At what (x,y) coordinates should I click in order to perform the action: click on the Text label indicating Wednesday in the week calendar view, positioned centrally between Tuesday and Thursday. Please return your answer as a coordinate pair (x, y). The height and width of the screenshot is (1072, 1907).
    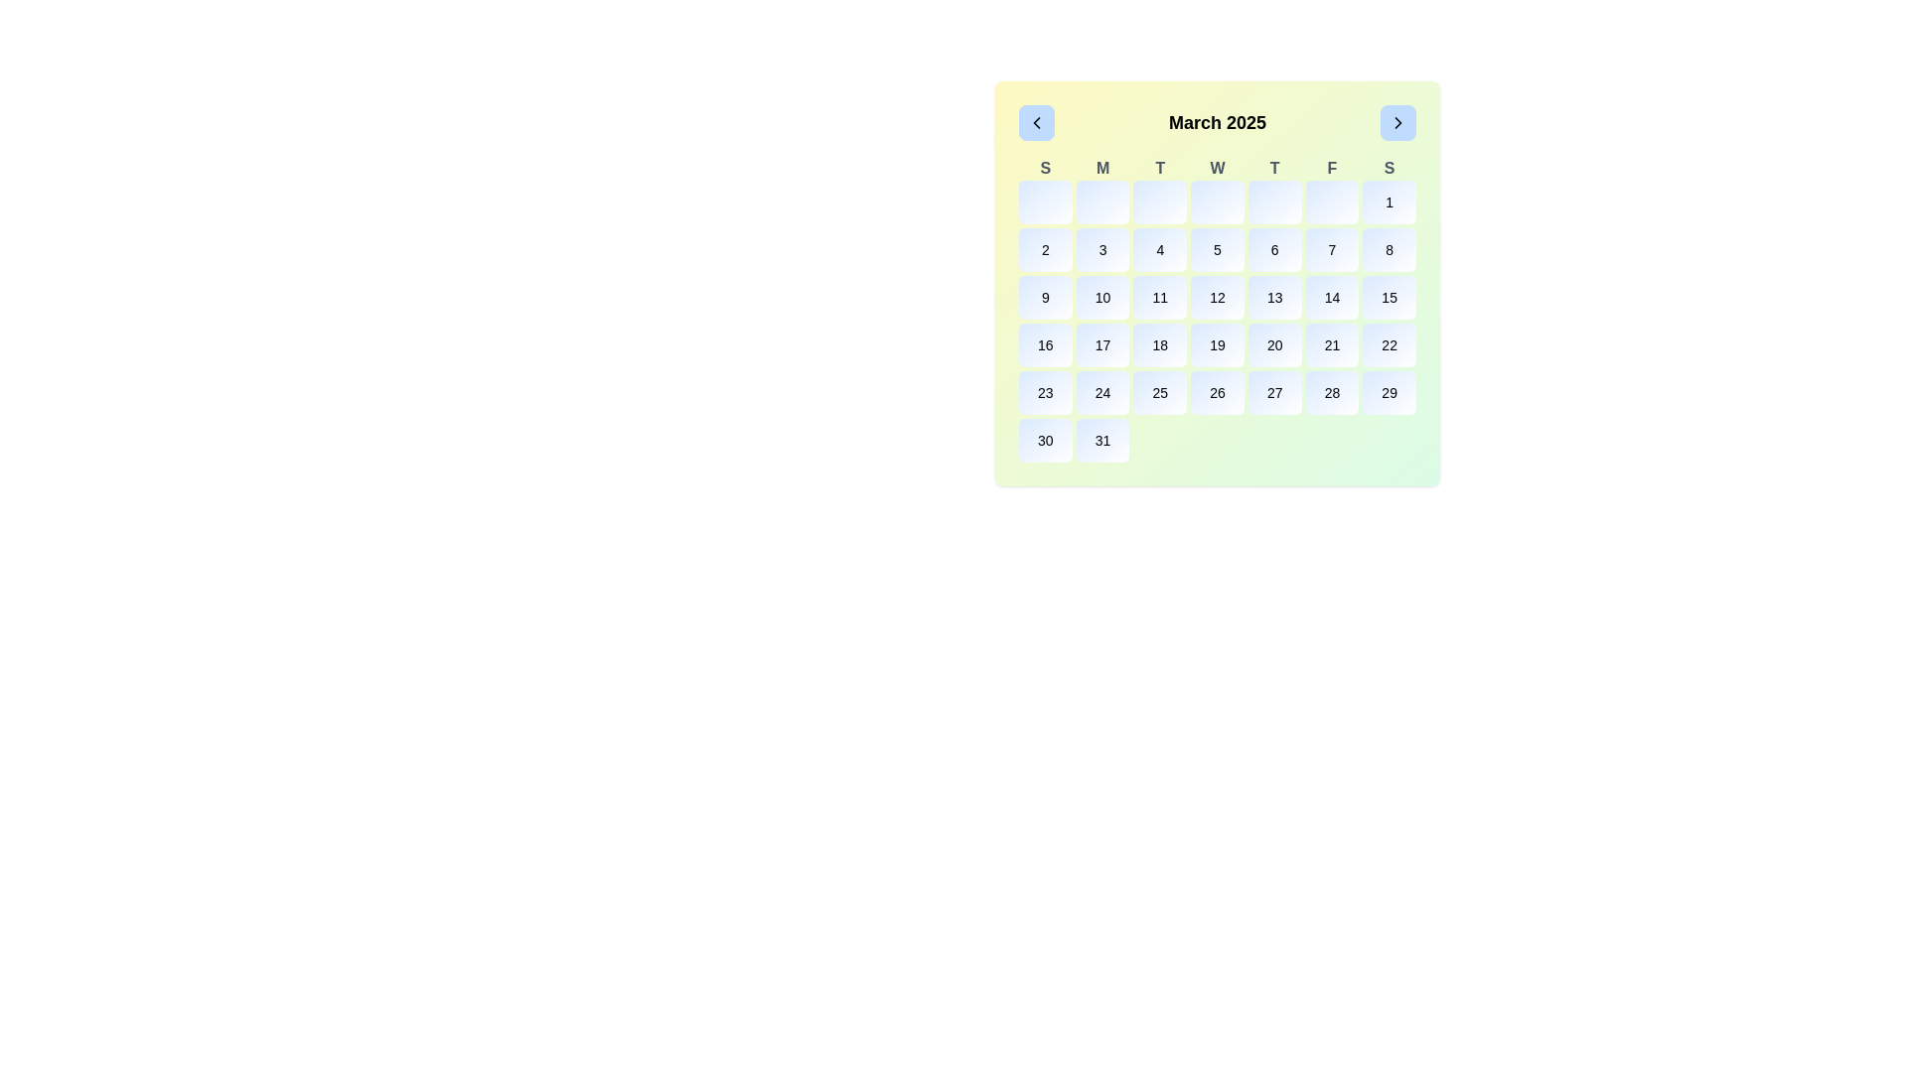
    Looking at the image, I should click on (1216, 167).